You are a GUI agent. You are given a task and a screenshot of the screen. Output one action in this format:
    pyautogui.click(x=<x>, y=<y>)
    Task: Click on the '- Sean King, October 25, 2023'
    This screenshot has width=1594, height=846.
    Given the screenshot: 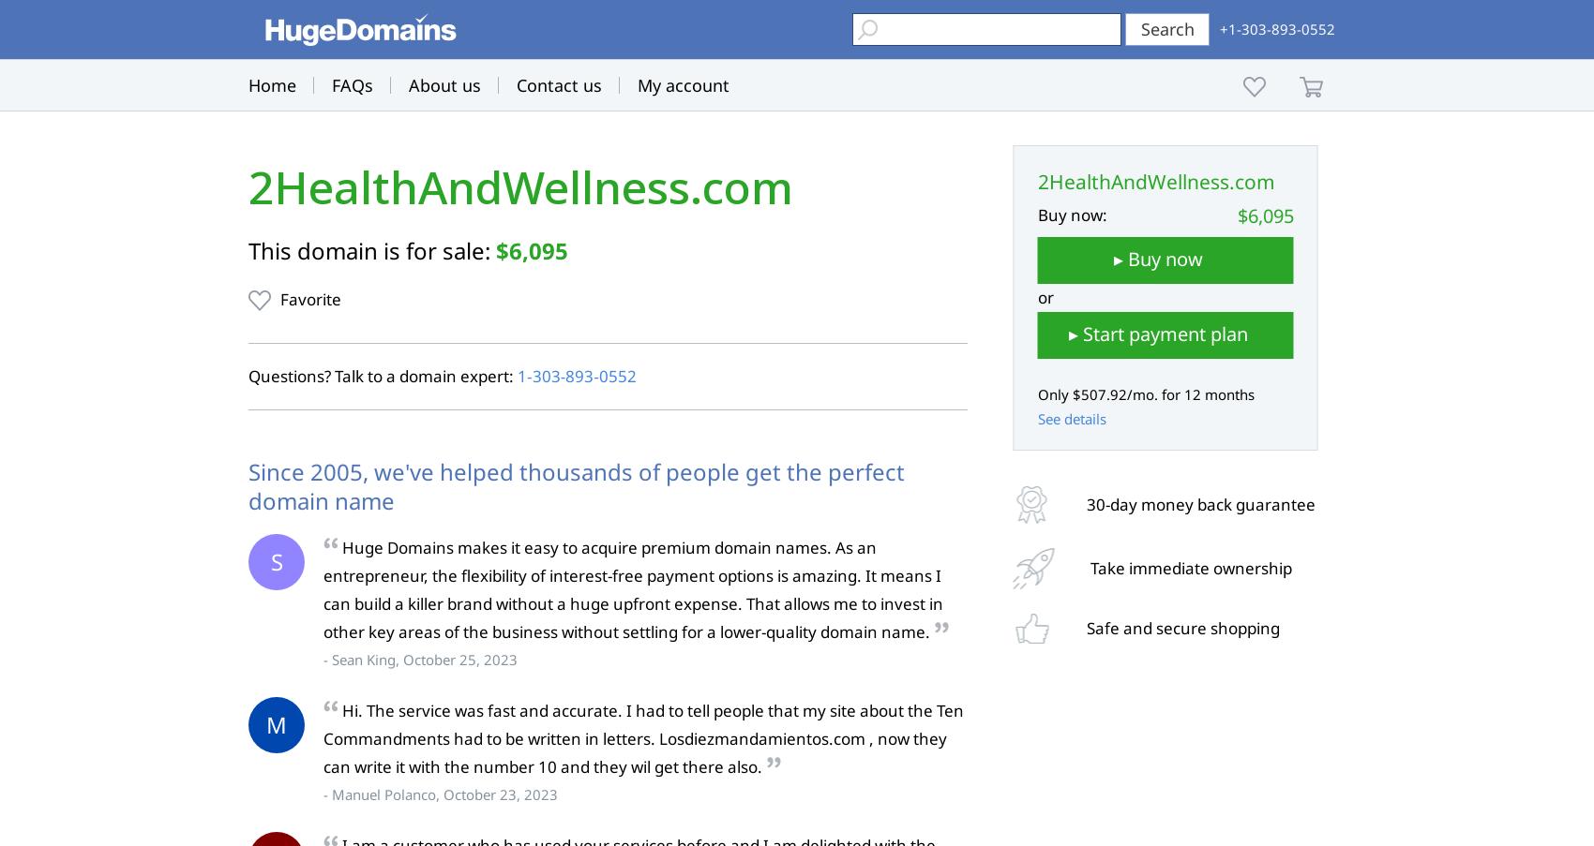 What is the action you would take?
    pyautogui.click(x=420, y=658)
    